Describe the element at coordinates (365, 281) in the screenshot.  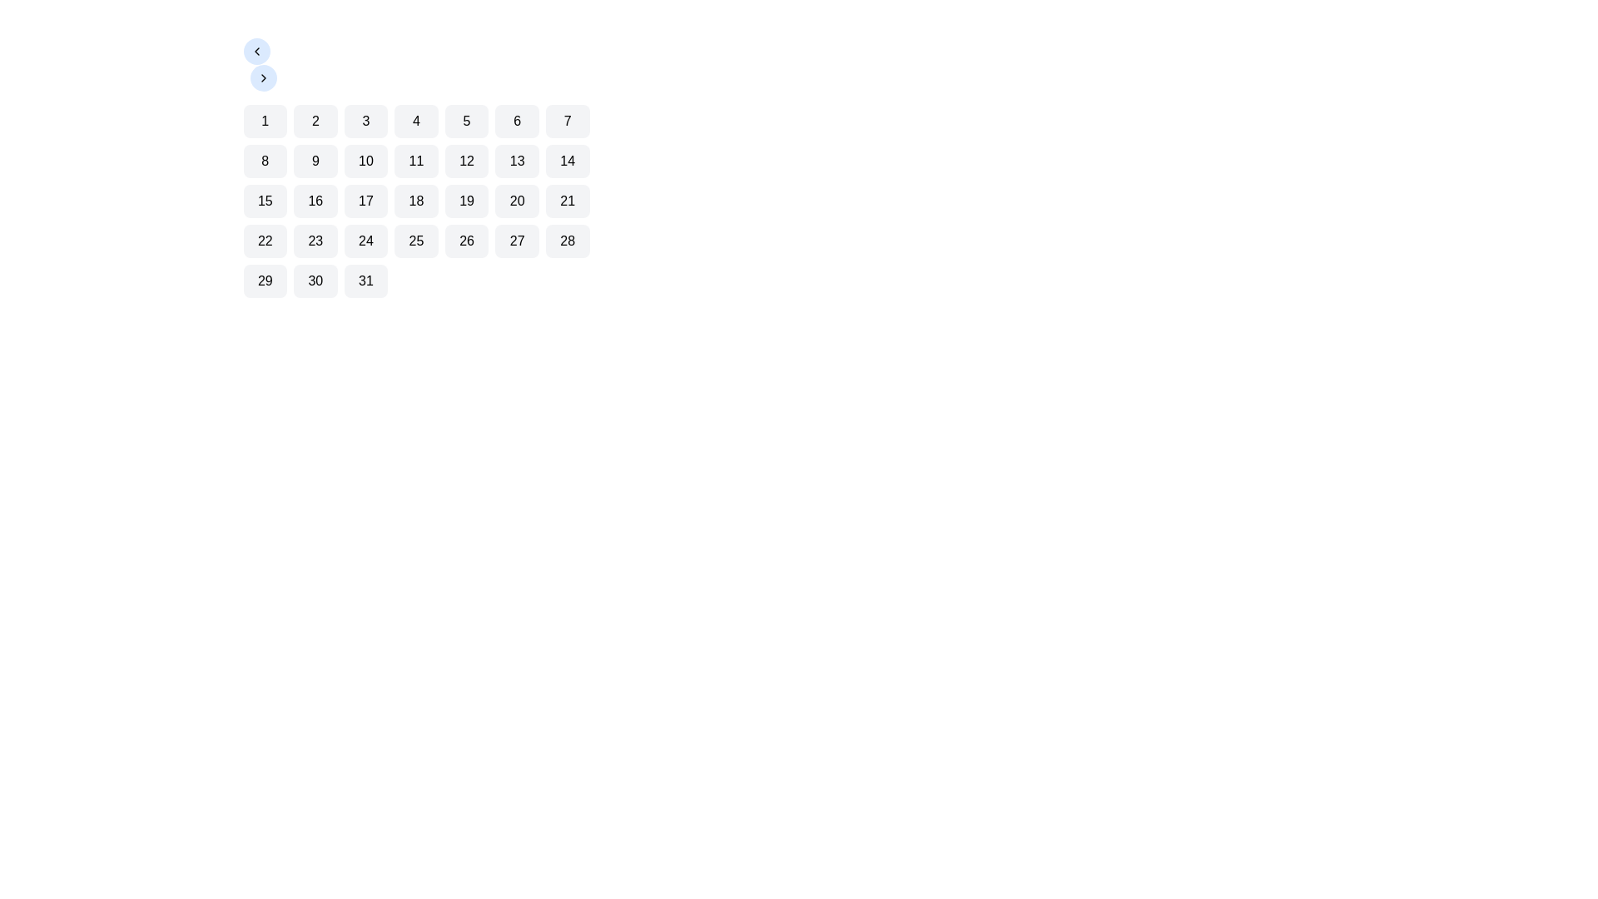
I see `the selectable date button located in the seventh column of the fifth row of a grid layout` at that location.